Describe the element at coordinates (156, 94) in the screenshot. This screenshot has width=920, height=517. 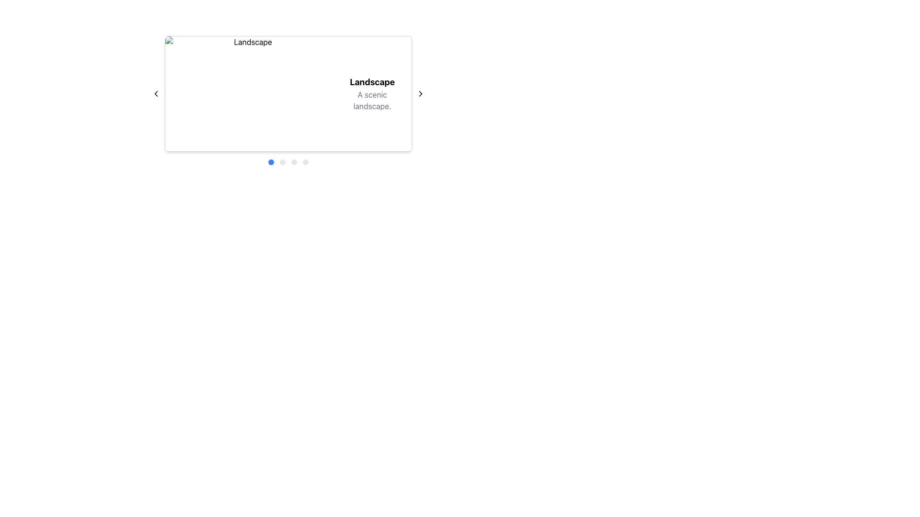
I see `the small left-pointing chevron icon, which serves as a back navigation symbol` at that location.